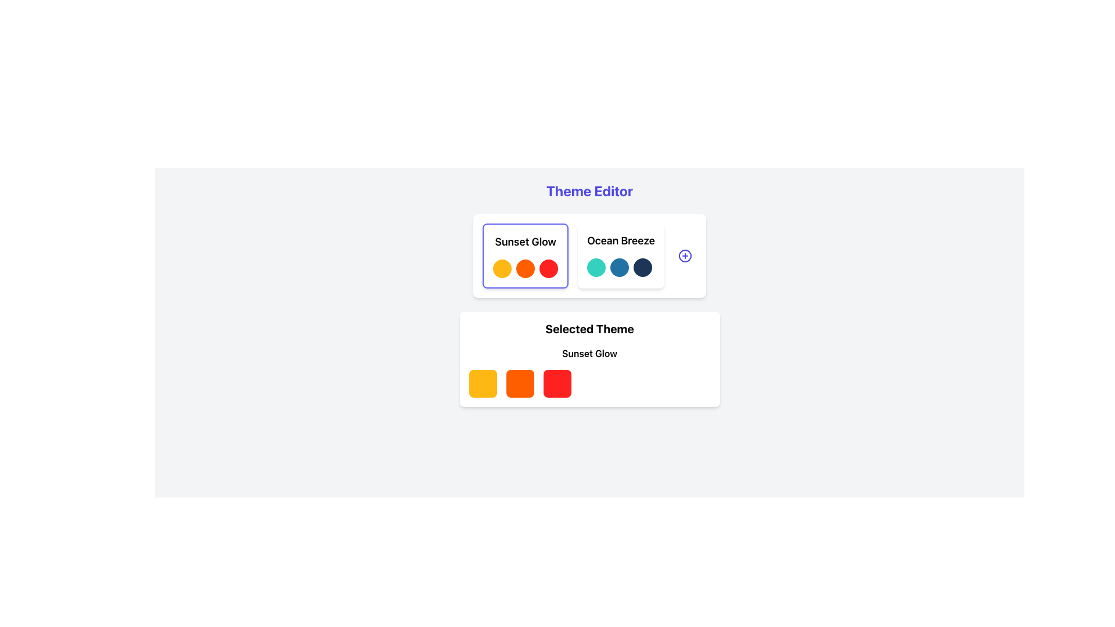 The image size is (1115, 627). What do you see at coordinates (685, 255) in the screenshot?
I see `the circular button with a blue border located at the far right edge of the theme selection layout, following the 'Ocean Breeze' section` at bounding box center [685, 255].